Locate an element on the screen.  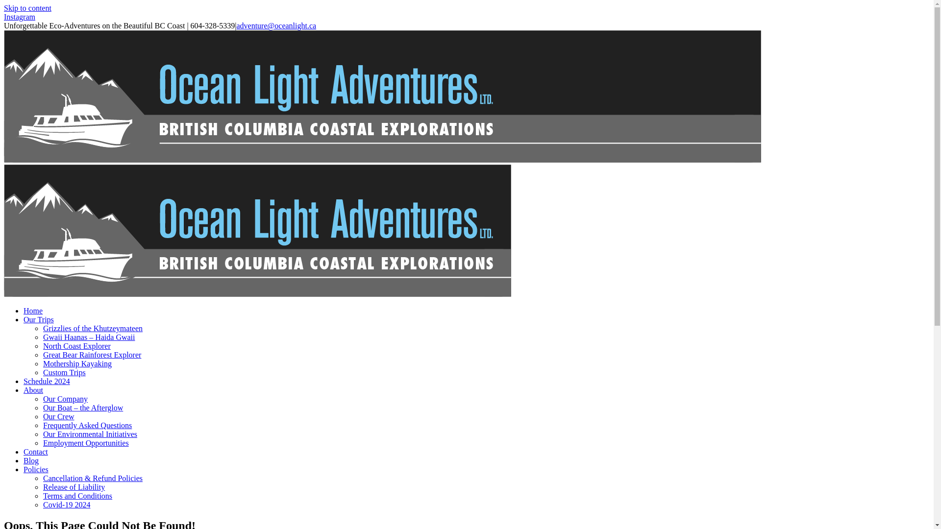
'Our Trips' is located at coordinates (38, 319).